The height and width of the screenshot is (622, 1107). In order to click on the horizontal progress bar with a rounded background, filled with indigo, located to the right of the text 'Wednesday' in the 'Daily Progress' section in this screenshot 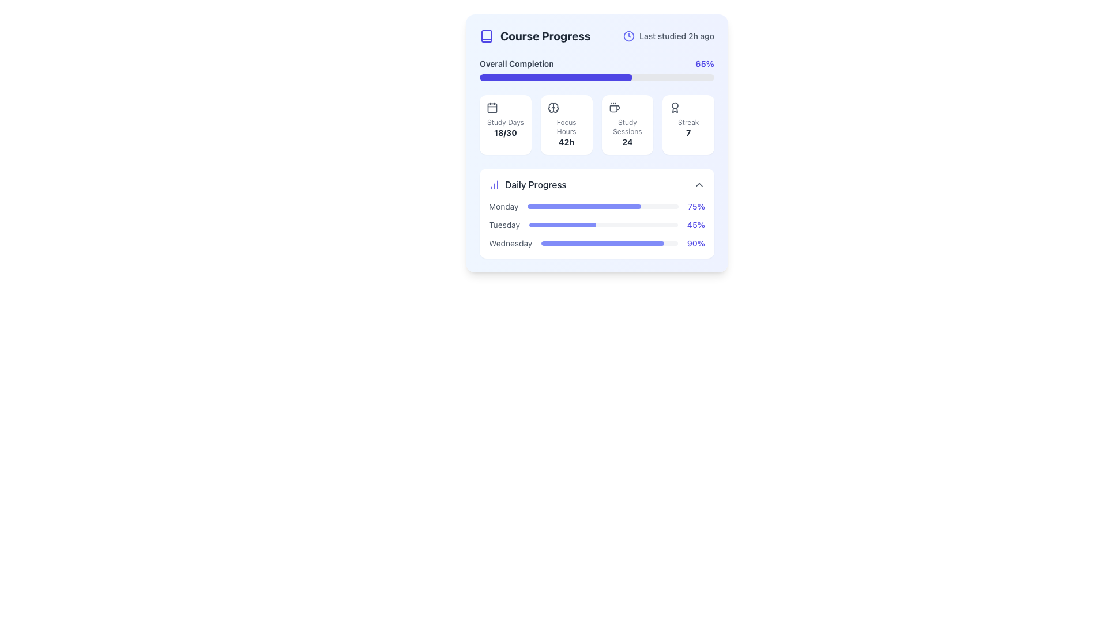, I will do `click(609, 243)`.